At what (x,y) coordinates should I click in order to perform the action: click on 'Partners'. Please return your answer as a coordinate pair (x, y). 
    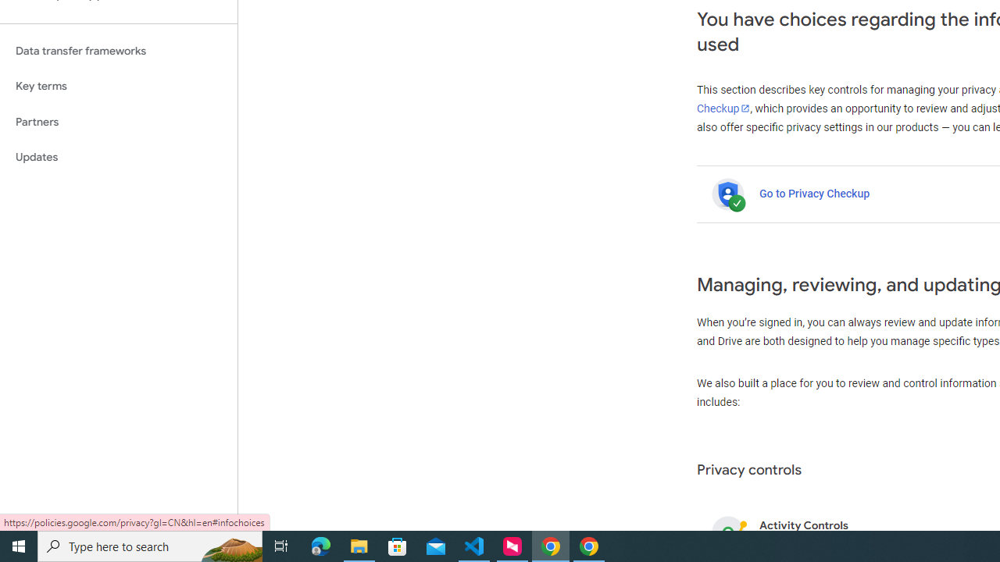
    Looking at the image, I should click on (118, 121).